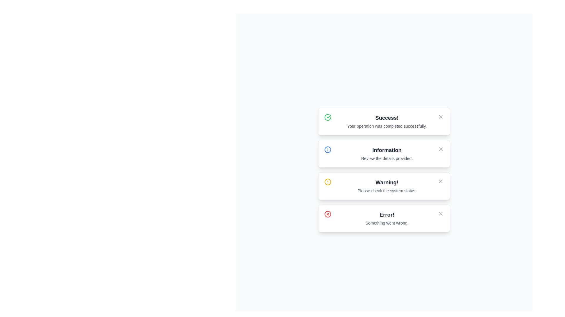 This screenshot has height=317, width=565. What do you see at coordinates (387, 218) in the screenshot?
I see `the Text Block displaying the message 'Error! Something went wrong.' located in the bottommost notification card` at bounding box center [387, 218].